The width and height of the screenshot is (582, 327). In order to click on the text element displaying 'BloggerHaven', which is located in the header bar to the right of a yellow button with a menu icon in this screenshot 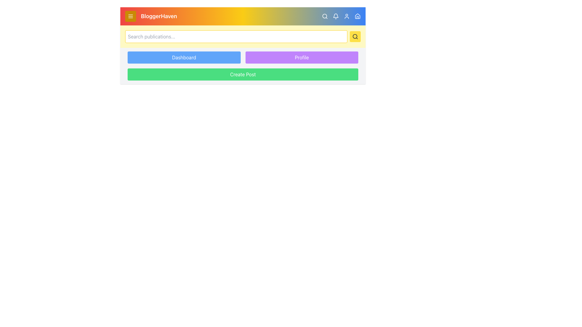, I will do `click(159, 16)`.